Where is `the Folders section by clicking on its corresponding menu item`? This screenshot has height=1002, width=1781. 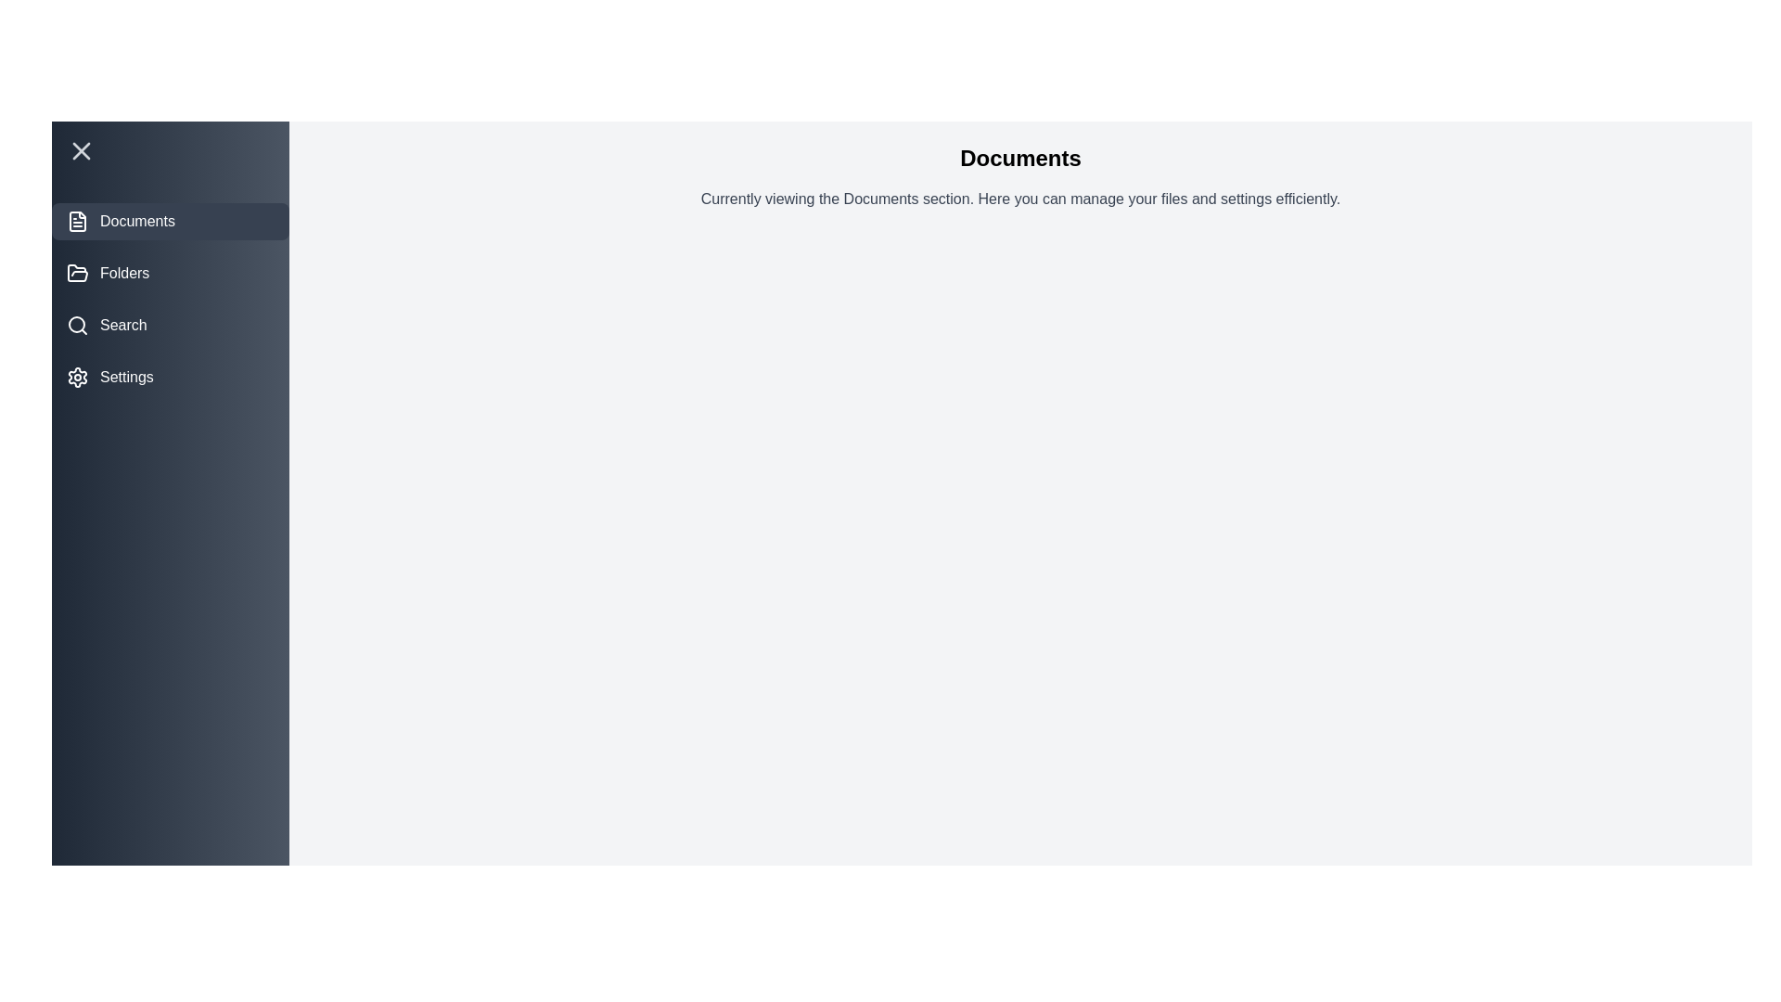
the Folders section by clicking on its corresponding menu item is located at coordinates (170, 273).